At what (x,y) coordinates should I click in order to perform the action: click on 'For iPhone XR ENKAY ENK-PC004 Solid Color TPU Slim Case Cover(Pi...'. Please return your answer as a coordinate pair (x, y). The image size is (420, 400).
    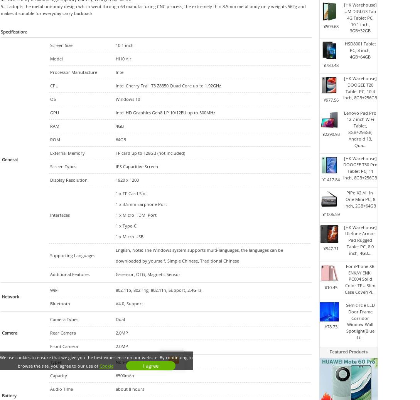
    Looking at the image, I should click on (360, 278).